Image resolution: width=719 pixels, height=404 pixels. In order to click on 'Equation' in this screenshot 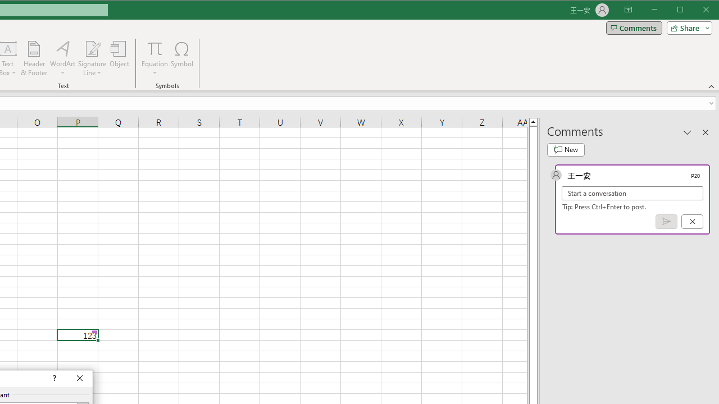, I will do `click(154, 48)`.